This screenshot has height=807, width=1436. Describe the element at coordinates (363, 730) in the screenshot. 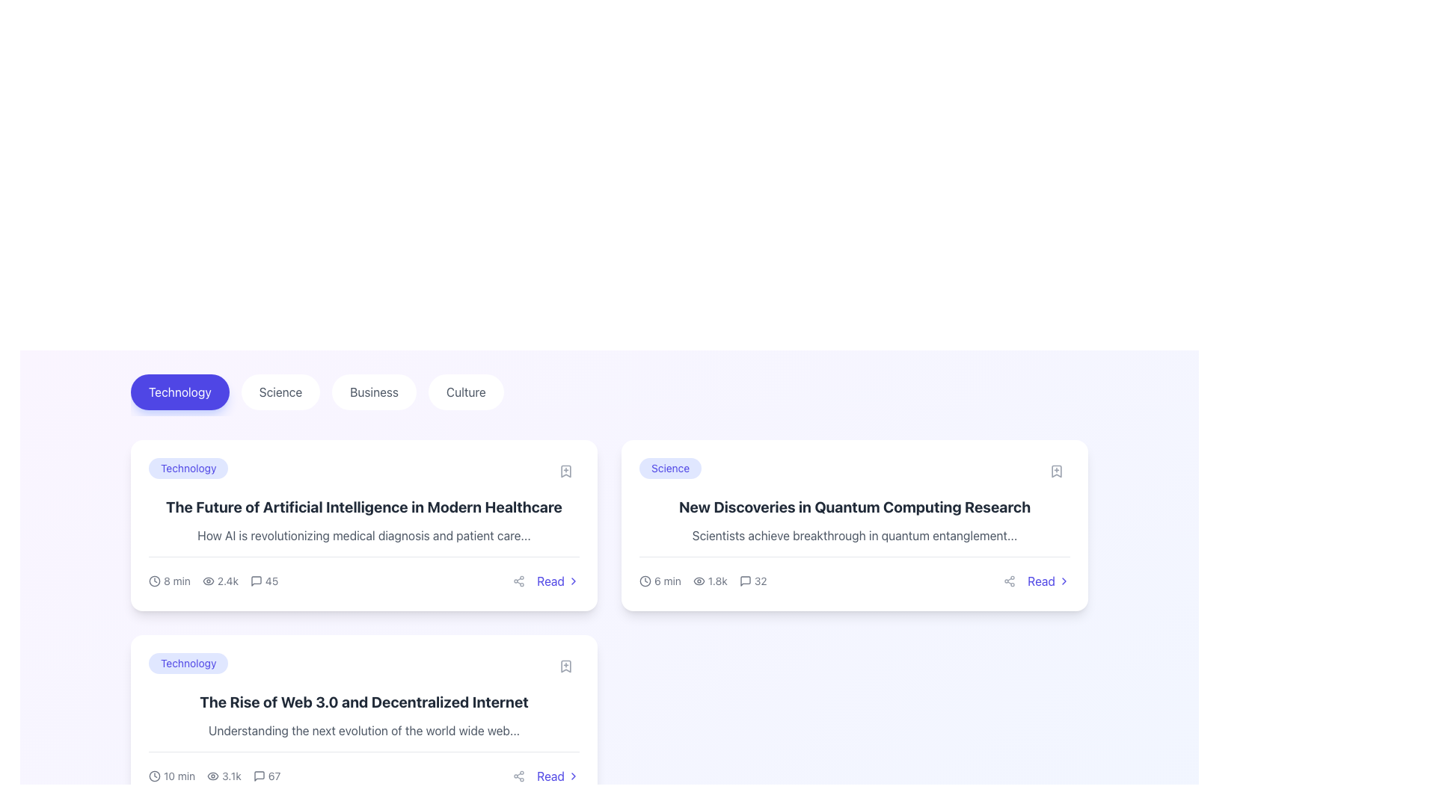

I see `the text element that reads 'Understanding the next evolution of the world wide web...', positioned below the title 'The Rise of Web 3.0 and Decentralized Internet'` at that location.